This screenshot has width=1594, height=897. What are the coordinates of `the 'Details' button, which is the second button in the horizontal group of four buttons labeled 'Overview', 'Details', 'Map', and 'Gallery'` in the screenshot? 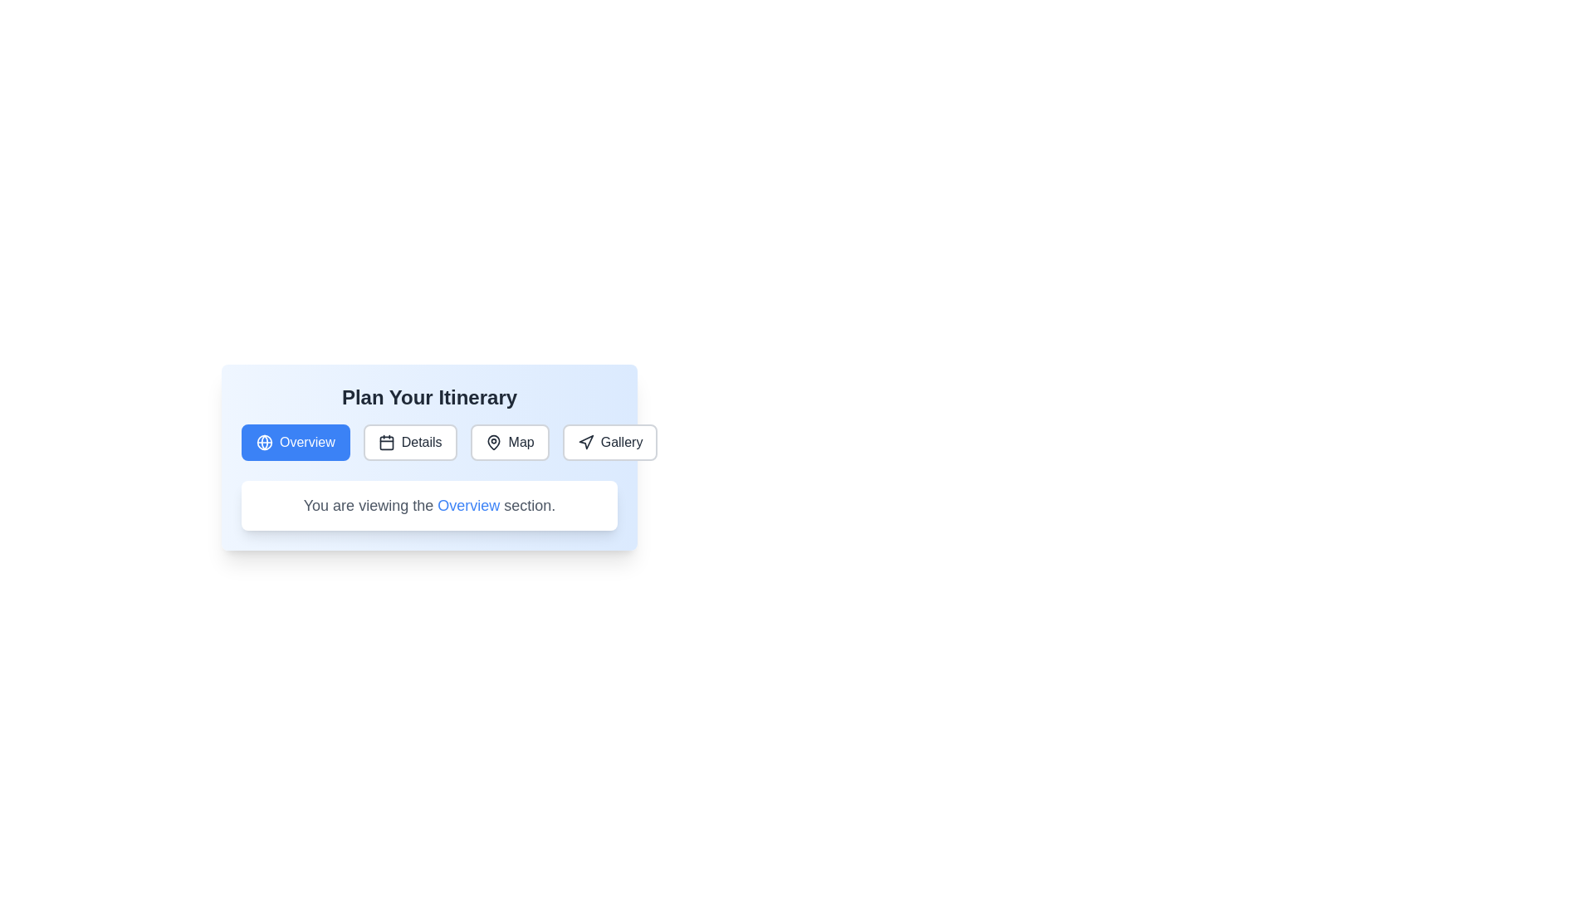 It's located at (410, 441).